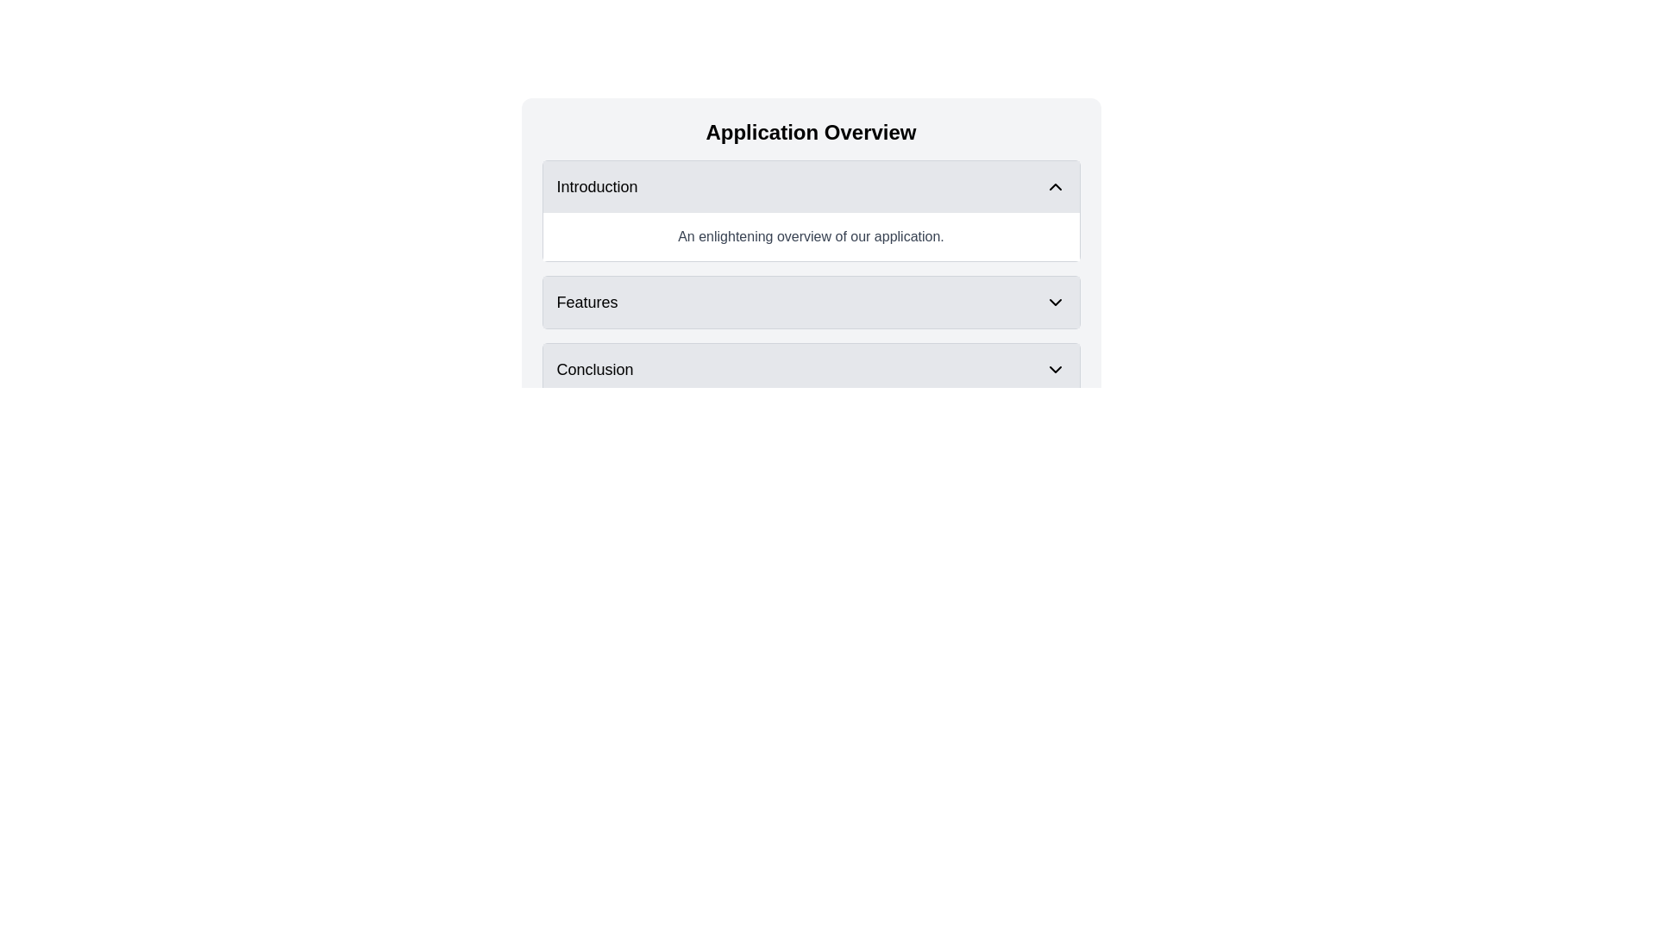 Image resolution: width=1656 pixels, height=931 pixels. I want to click on the Accordion Header labeled 'Conclusion' for keyboard interaction, so click(810, 368).